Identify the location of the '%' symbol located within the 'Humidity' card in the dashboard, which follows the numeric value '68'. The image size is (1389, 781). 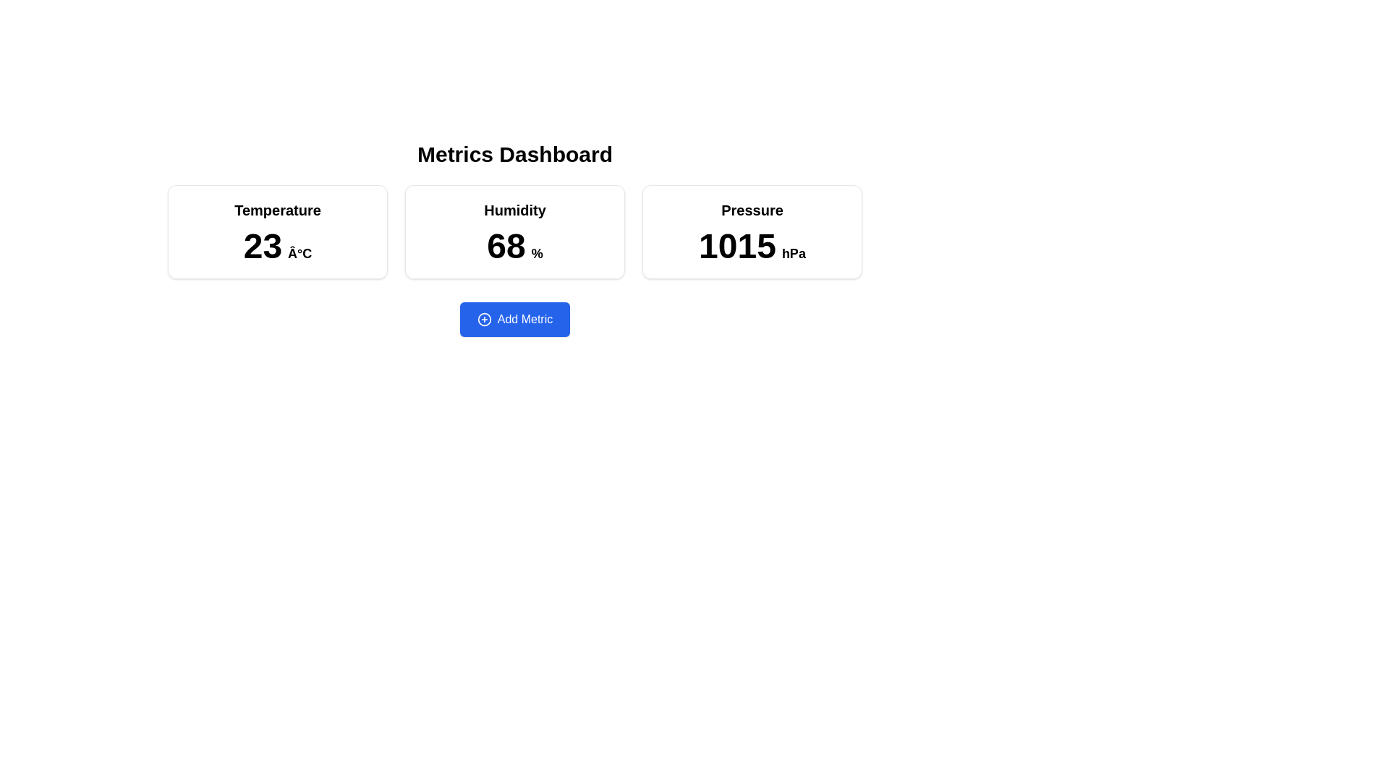
(536, 253).